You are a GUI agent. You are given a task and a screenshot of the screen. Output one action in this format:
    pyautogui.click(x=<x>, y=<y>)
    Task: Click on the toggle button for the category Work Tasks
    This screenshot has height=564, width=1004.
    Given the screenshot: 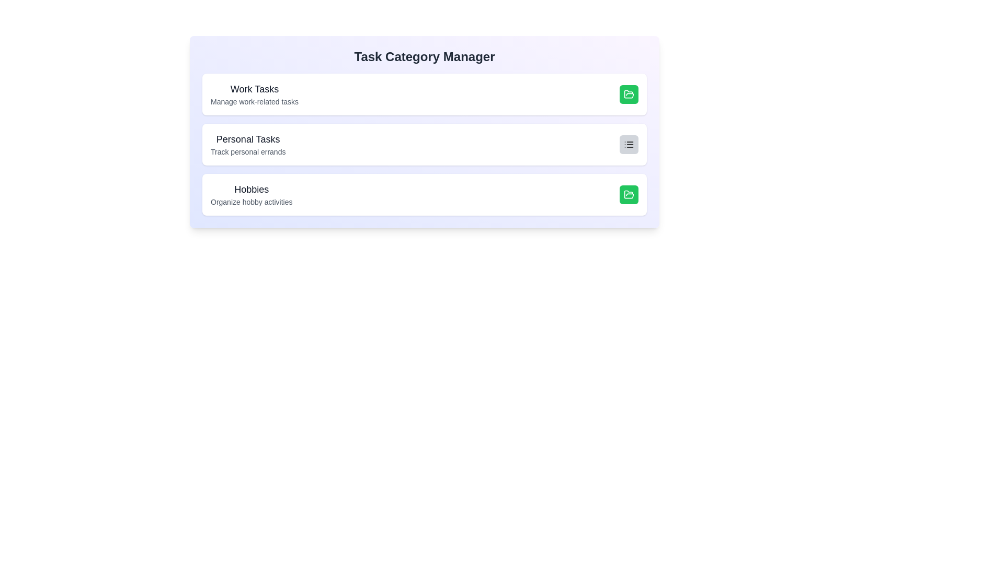 What is the action you would take?
    pyautogui.click(x=629, y=95)
    